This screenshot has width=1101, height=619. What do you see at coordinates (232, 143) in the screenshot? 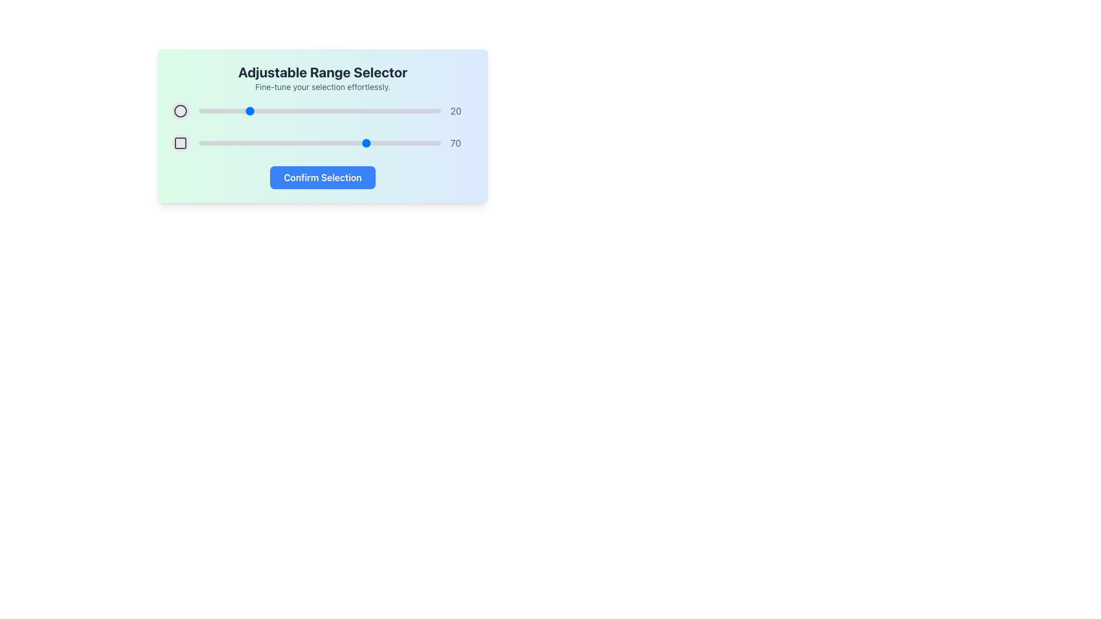
I see `the slider` at bounding box center [232, 143].